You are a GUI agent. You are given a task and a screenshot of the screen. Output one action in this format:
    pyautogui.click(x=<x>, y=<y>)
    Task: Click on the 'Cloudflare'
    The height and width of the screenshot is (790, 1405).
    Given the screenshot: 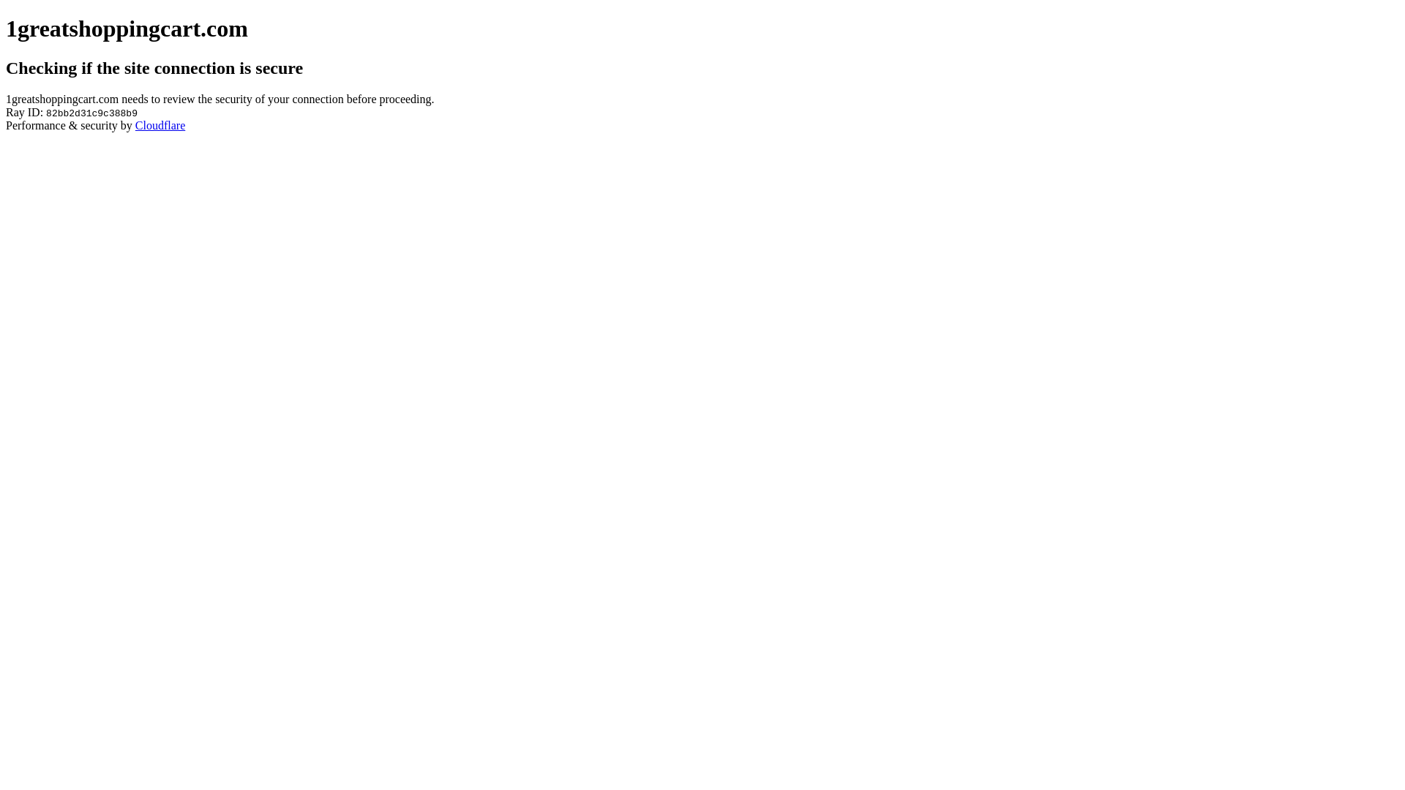 What is the action you would take?
    pyautogui.click(x=135, y=124)
    